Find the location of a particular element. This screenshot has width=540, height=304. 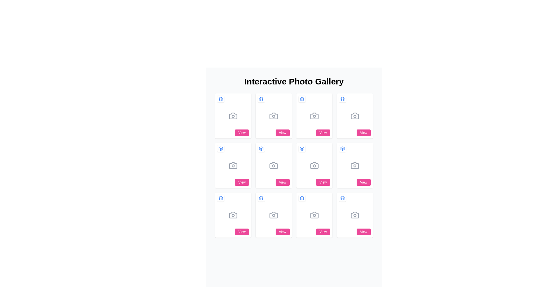

the first icon in the top-left corner of the second row of the interactive photo gallery grid, which indicates a feature associated with a layered structure is located at coordinates (220, 148).